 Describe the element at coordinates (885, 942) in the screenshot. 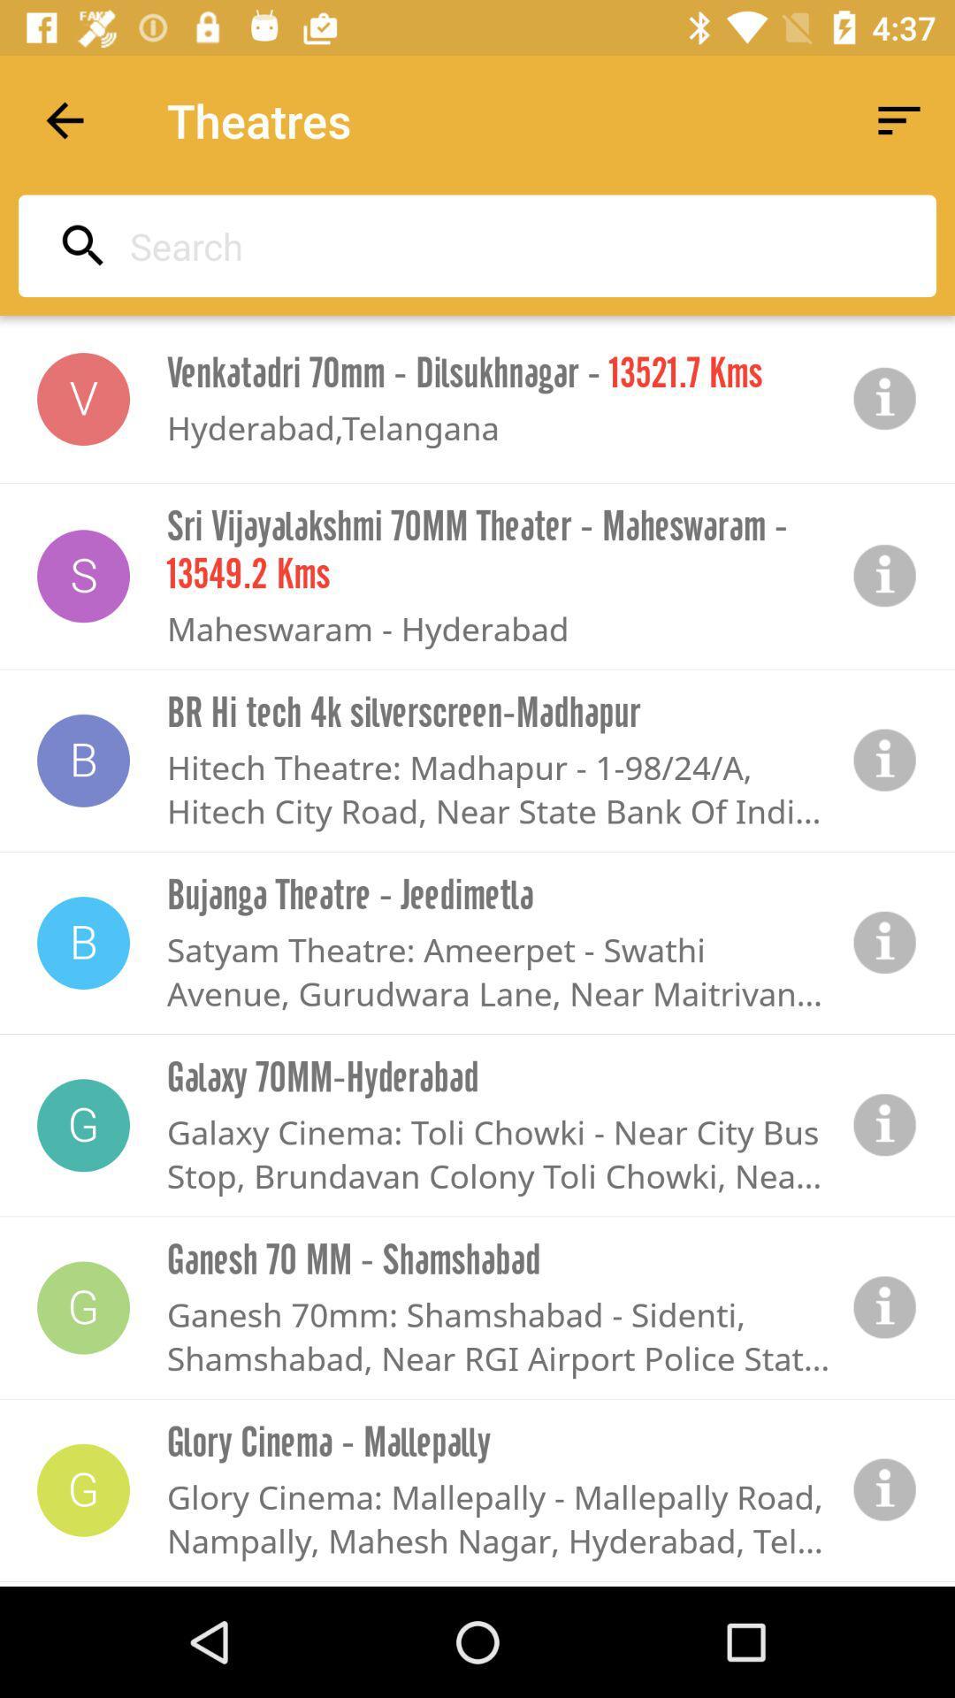

I see `more information on bujanga theatre` at that location.